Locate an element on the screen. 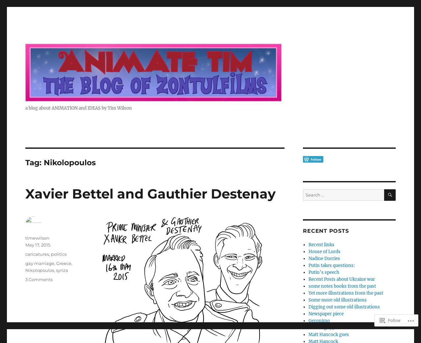  'gay marriage' is located at coordinates (39, 263).